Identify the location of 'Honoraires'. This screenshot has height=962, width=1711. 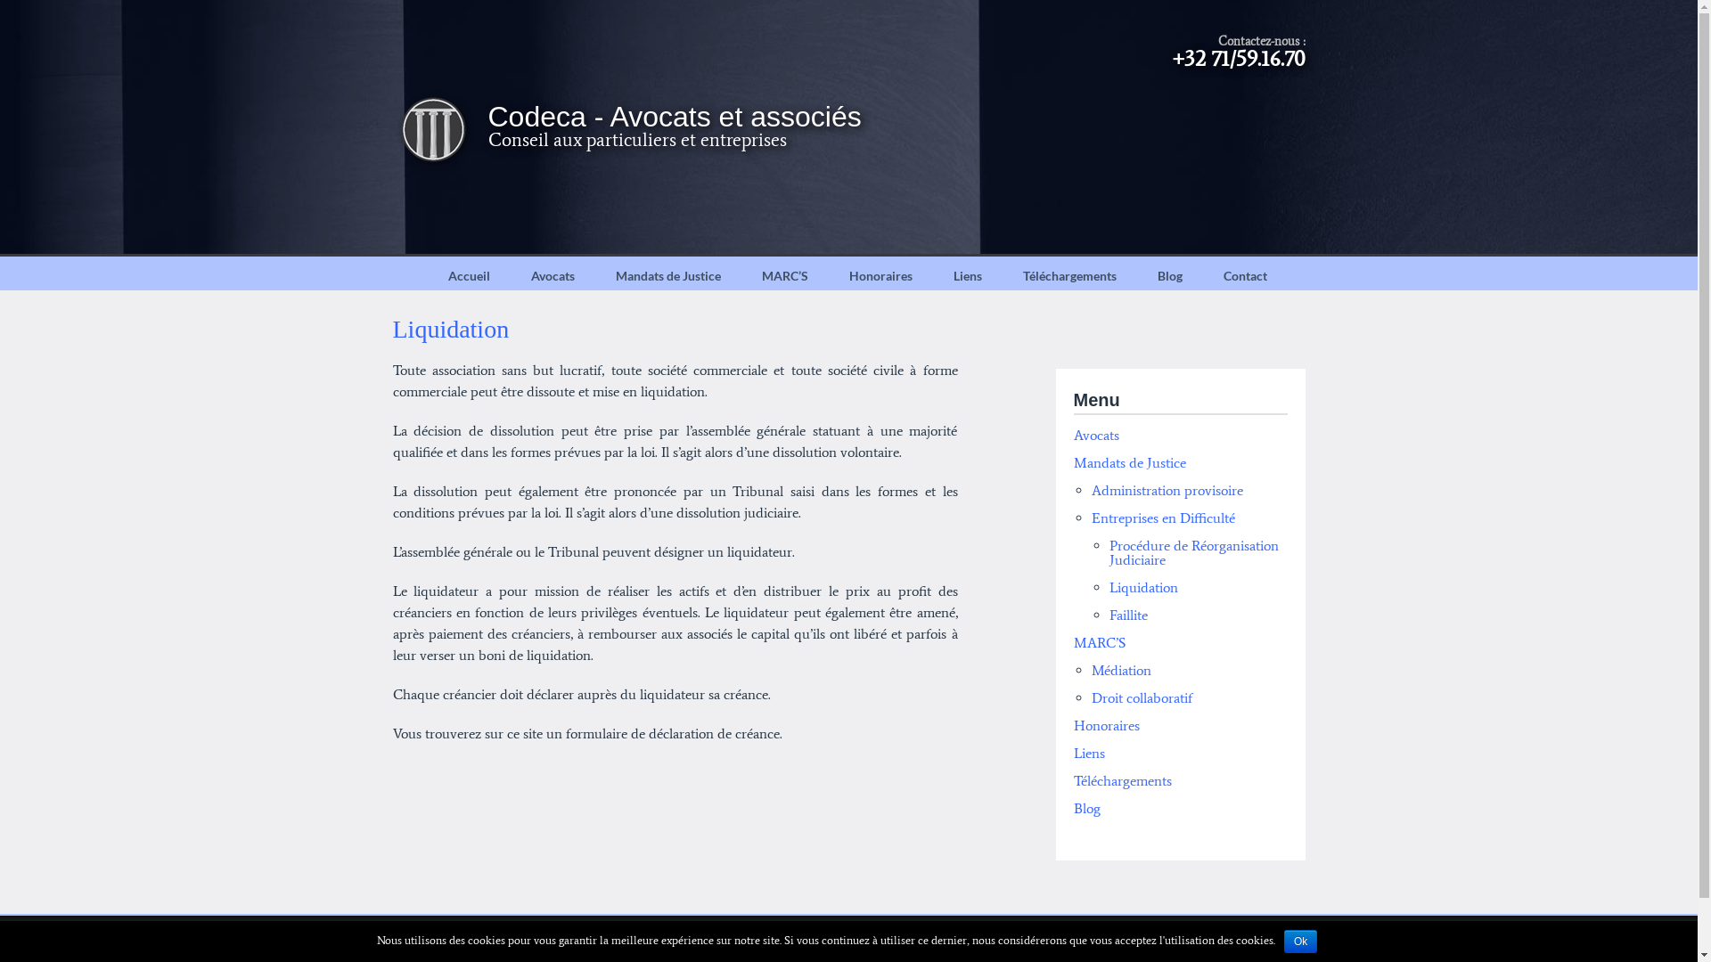
(880, 275).